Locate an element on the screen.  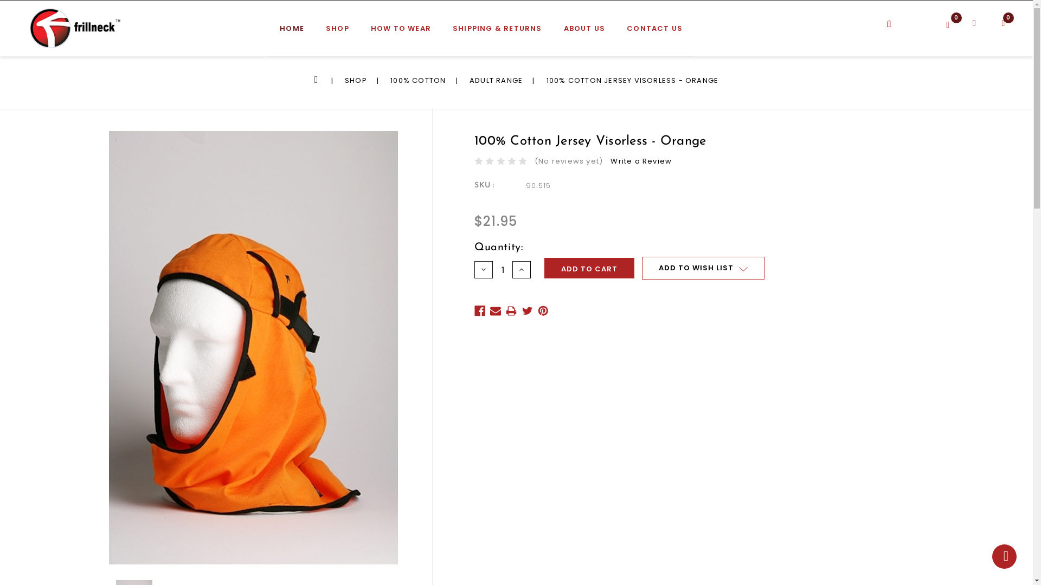
'CONTACT US' is located at coordinates (654, 32).